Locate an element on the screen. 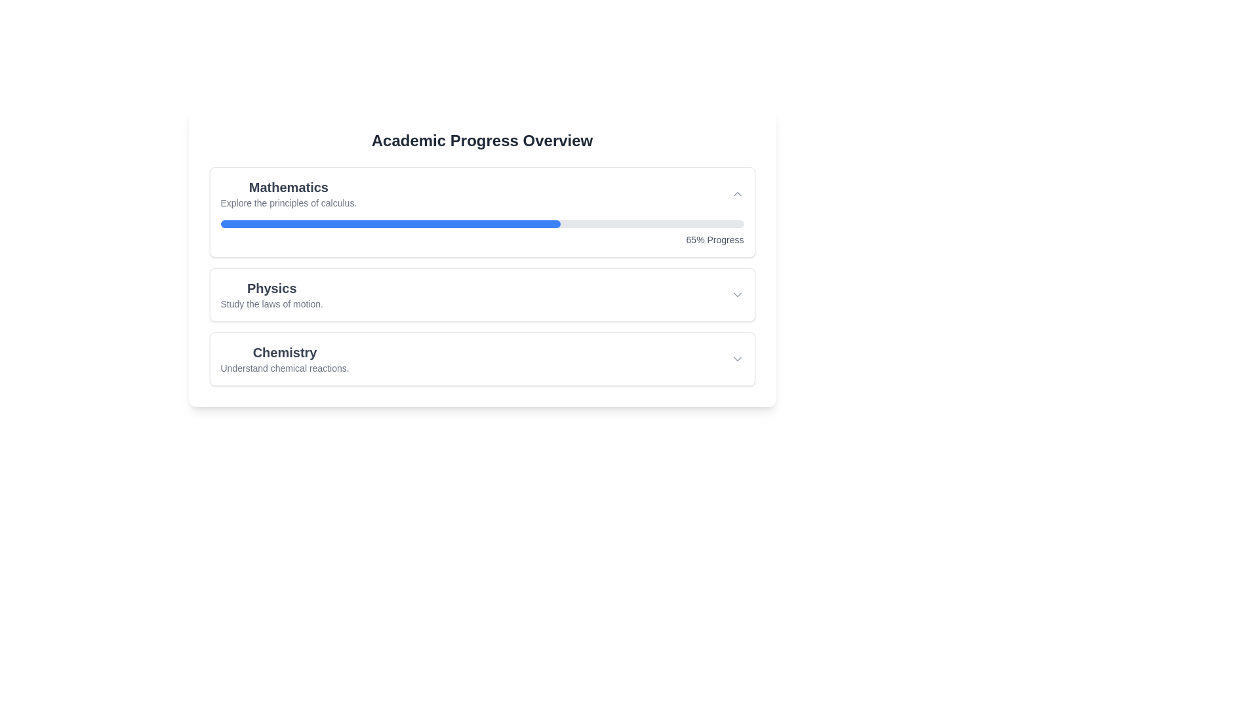 Image resolution: width=1259 pixels, height=708 pixels. the progress bar representing 65% completion is located at coordinates (481, 224).